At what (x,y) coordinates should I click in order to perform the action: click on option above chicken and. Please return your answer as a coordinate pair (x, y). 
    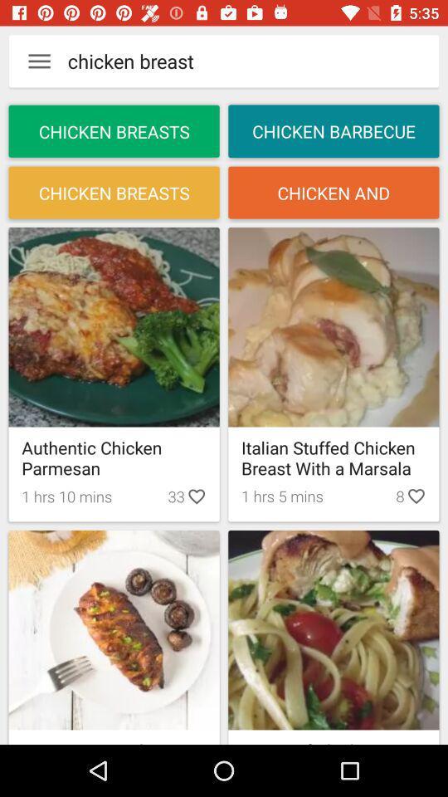
    Looking at the image, I should click on (334, 130).